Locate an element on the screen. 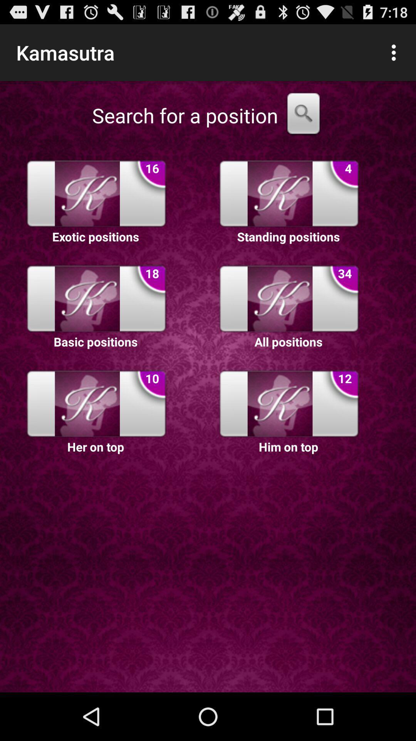 This screenshot has width=416, height=741. the search icon is located at coordinates (303, 123).